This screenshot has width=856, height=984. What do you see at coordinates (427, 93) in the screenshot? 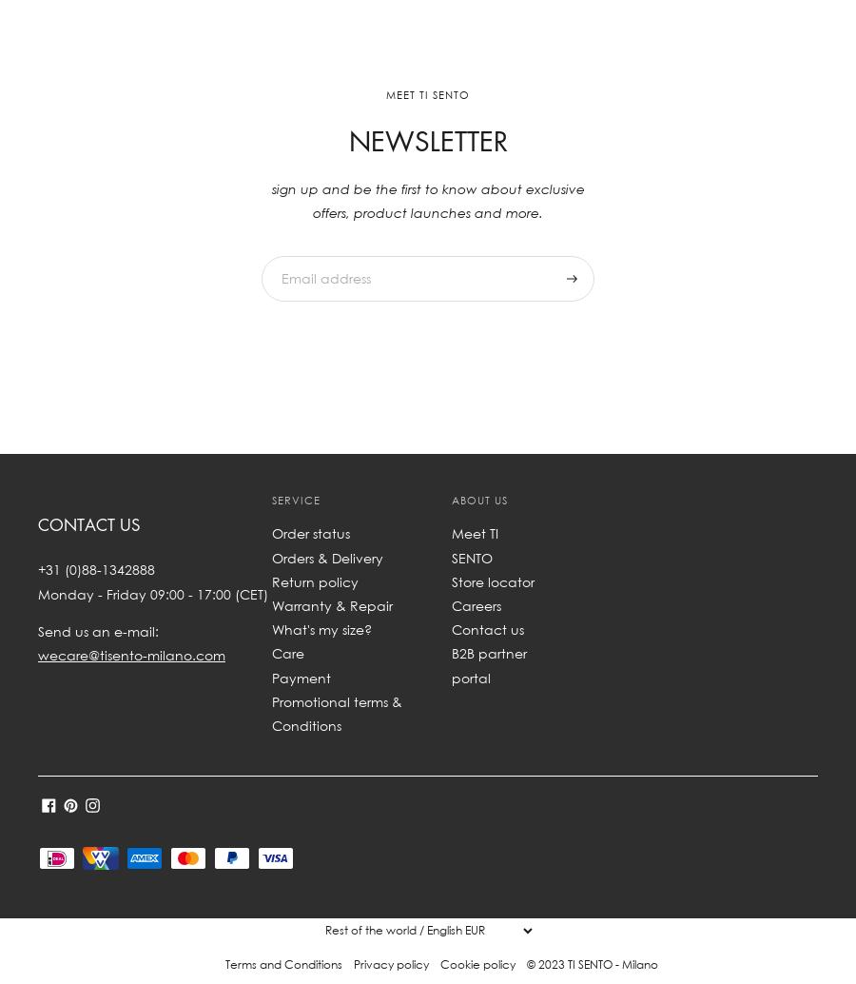
I see `'MEET TI SENTO'` at bounding box center [427, 93].